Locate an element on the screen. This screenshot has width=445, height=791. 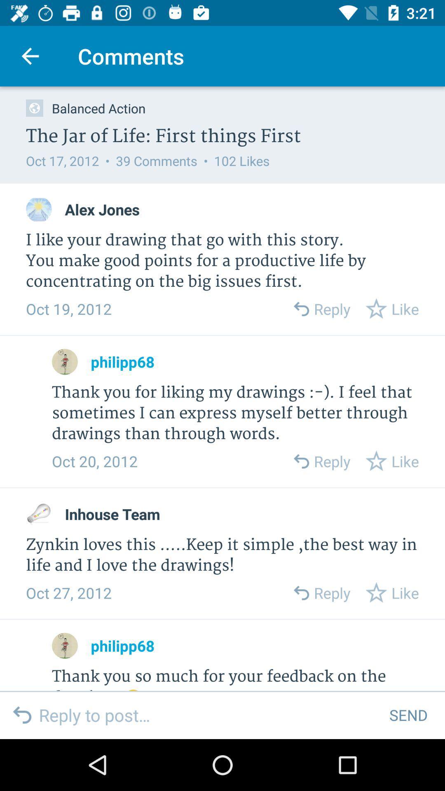
back is located at coordinates (301, 592).